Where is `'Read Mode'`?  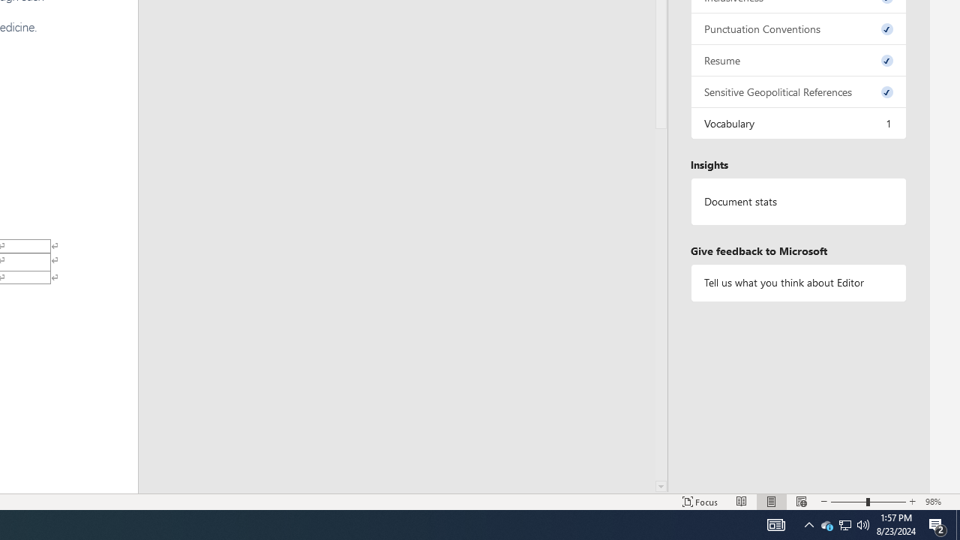 'Read Mode' is located at coordinates (741, 502).